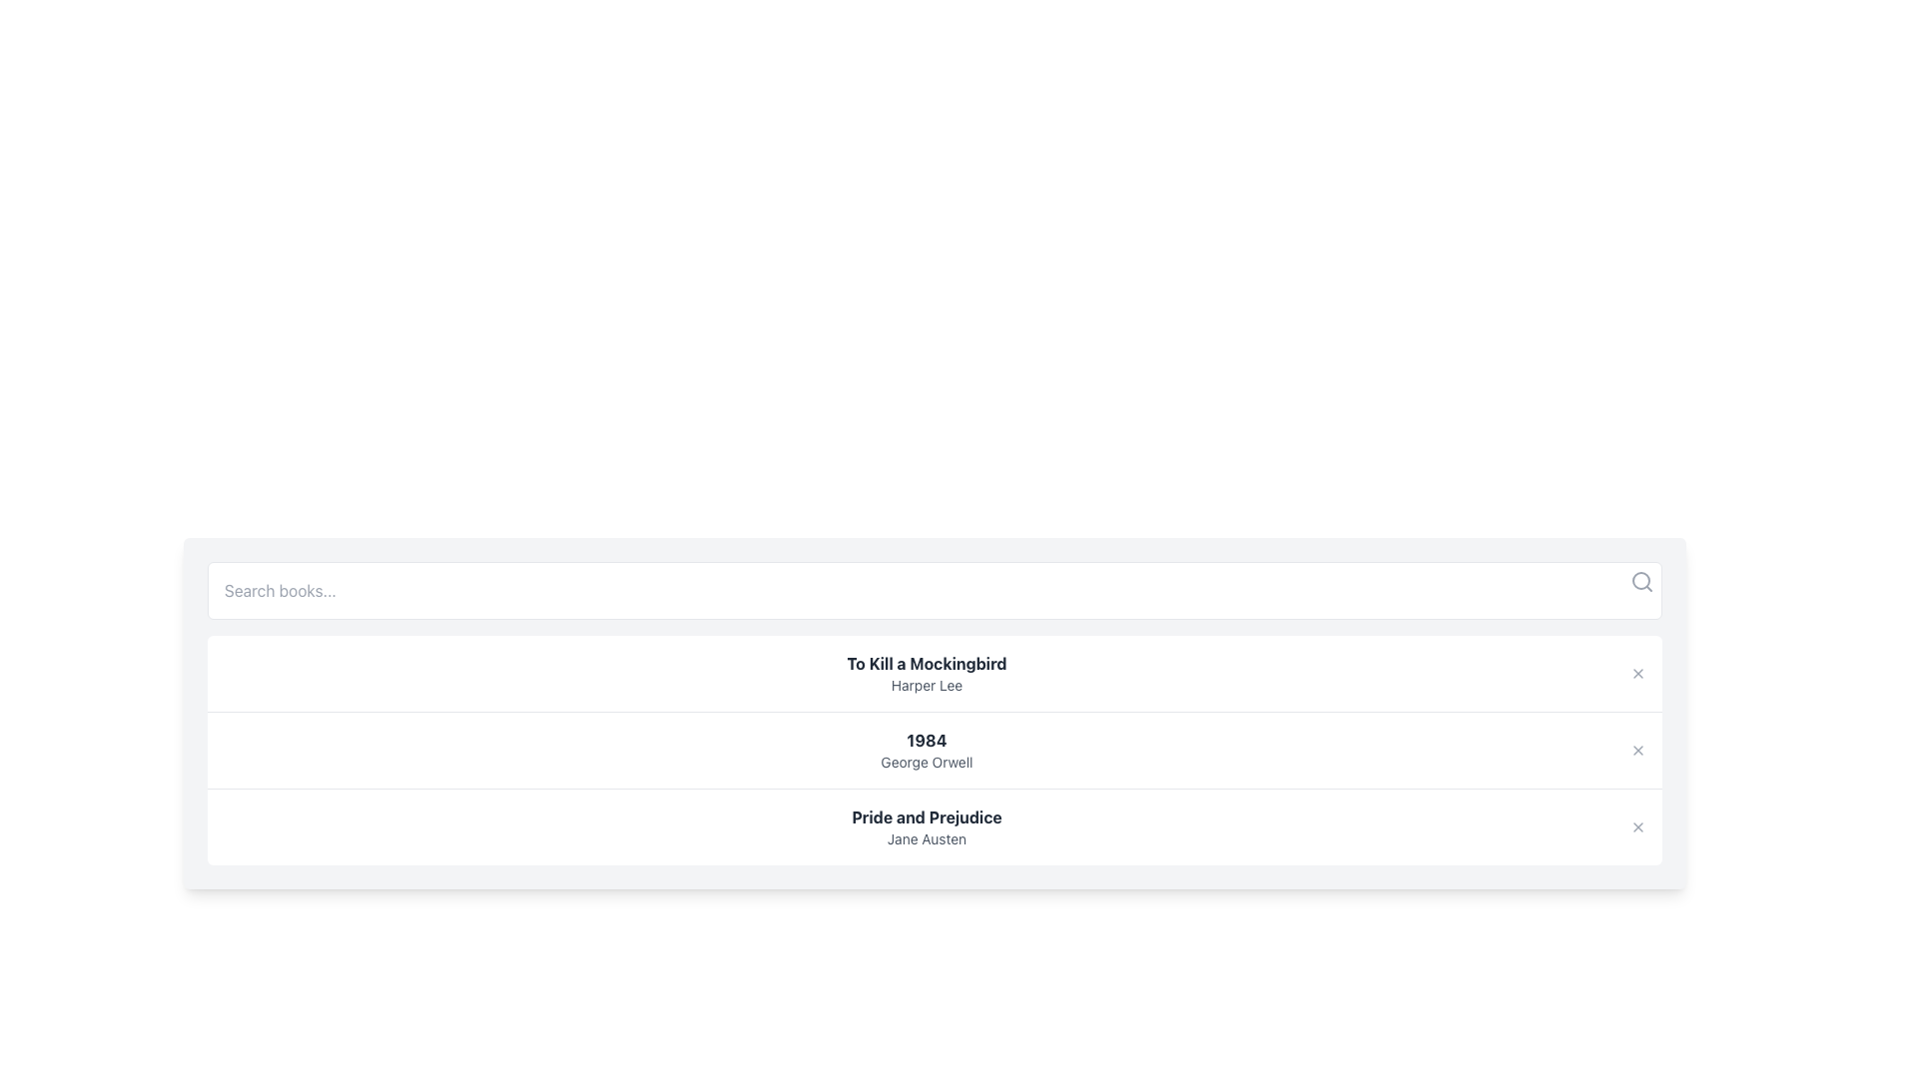 The height and width of the screenshot is (1078, 1917). I want to click on the third list item representing the book 'Pride and Prejudice' by Jane Austen, so click(934, 826).